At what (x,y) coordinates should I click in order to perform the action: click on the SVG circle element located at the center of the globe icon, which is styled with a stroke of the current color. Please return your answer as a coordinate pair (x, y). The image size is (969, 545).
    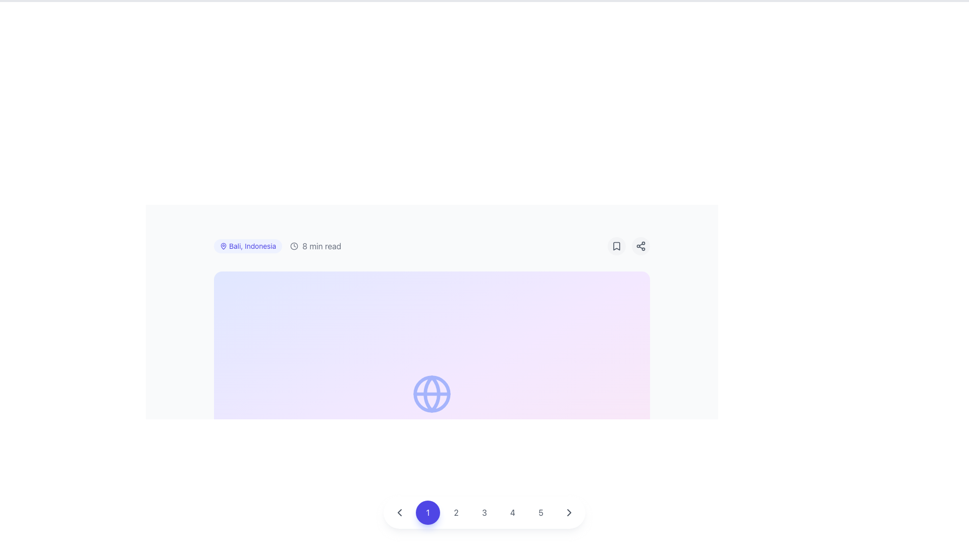
    Looking at the image, I should click on (432, 393).